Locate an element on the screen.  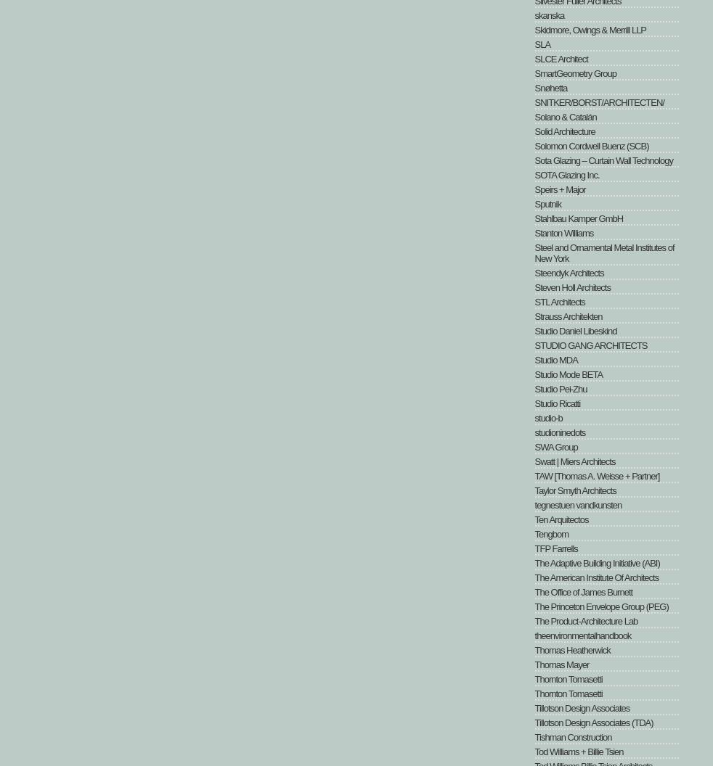
'SLCE Architect' is located at coordinates (561, 58).